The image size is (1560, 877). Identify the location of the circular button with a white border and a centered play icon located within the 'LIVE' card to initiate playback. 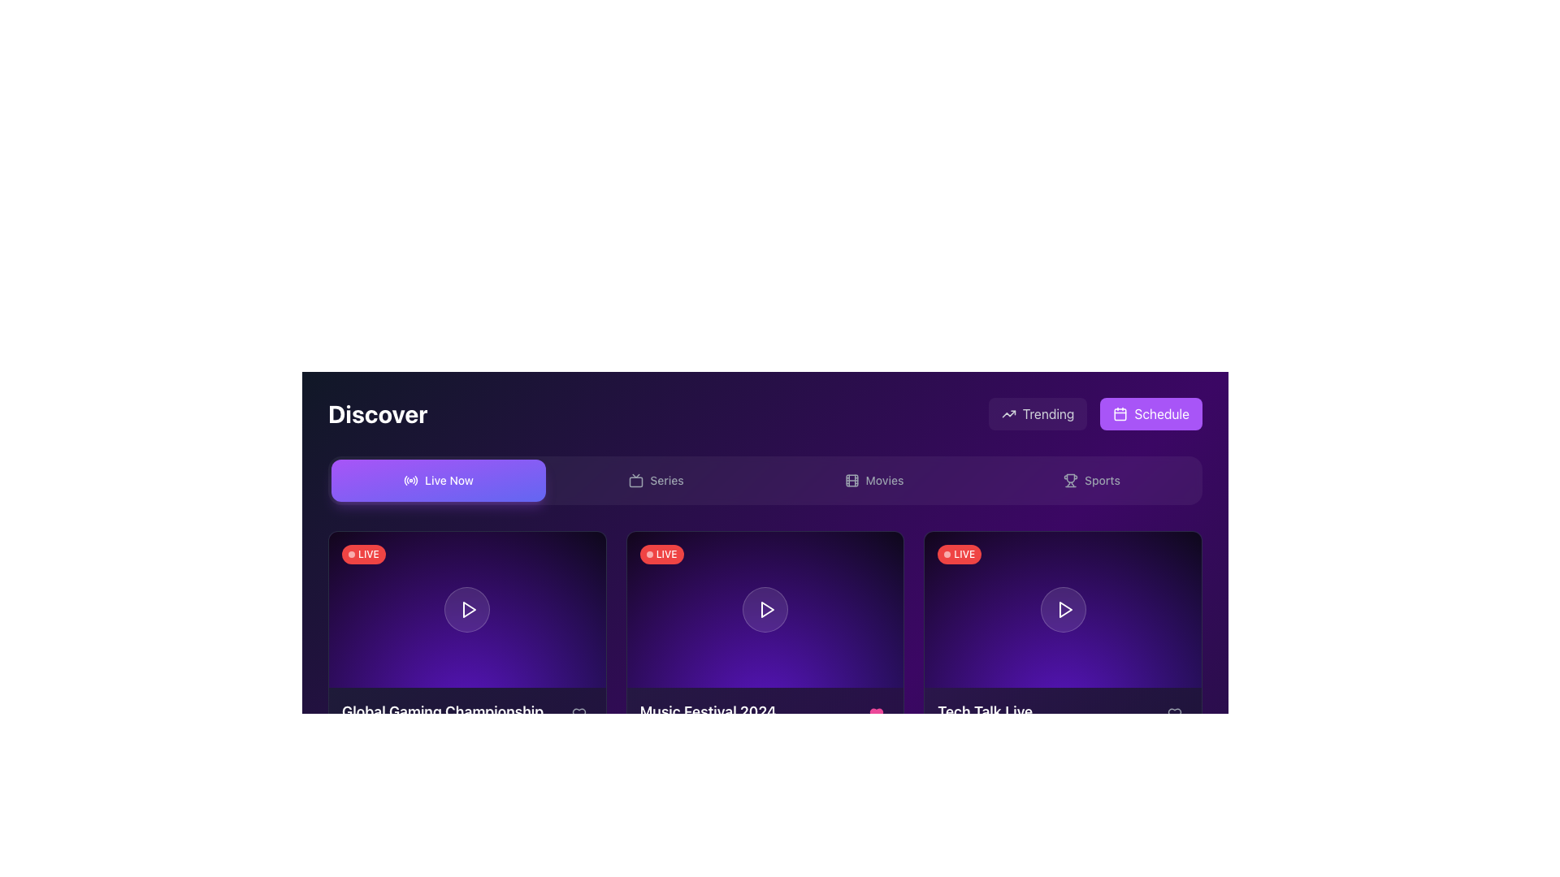
(466, 609).